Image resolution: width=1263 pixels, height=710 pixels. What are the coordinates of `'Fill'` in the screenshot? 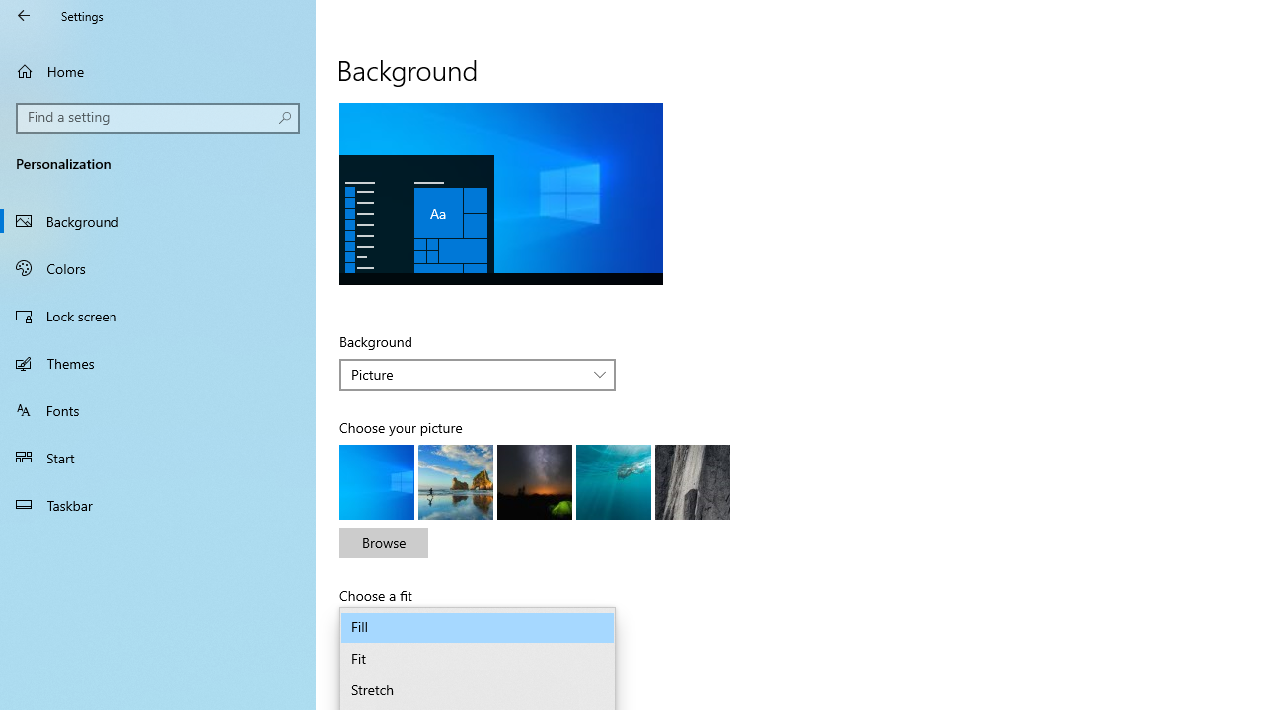 It's located at (478, 627).